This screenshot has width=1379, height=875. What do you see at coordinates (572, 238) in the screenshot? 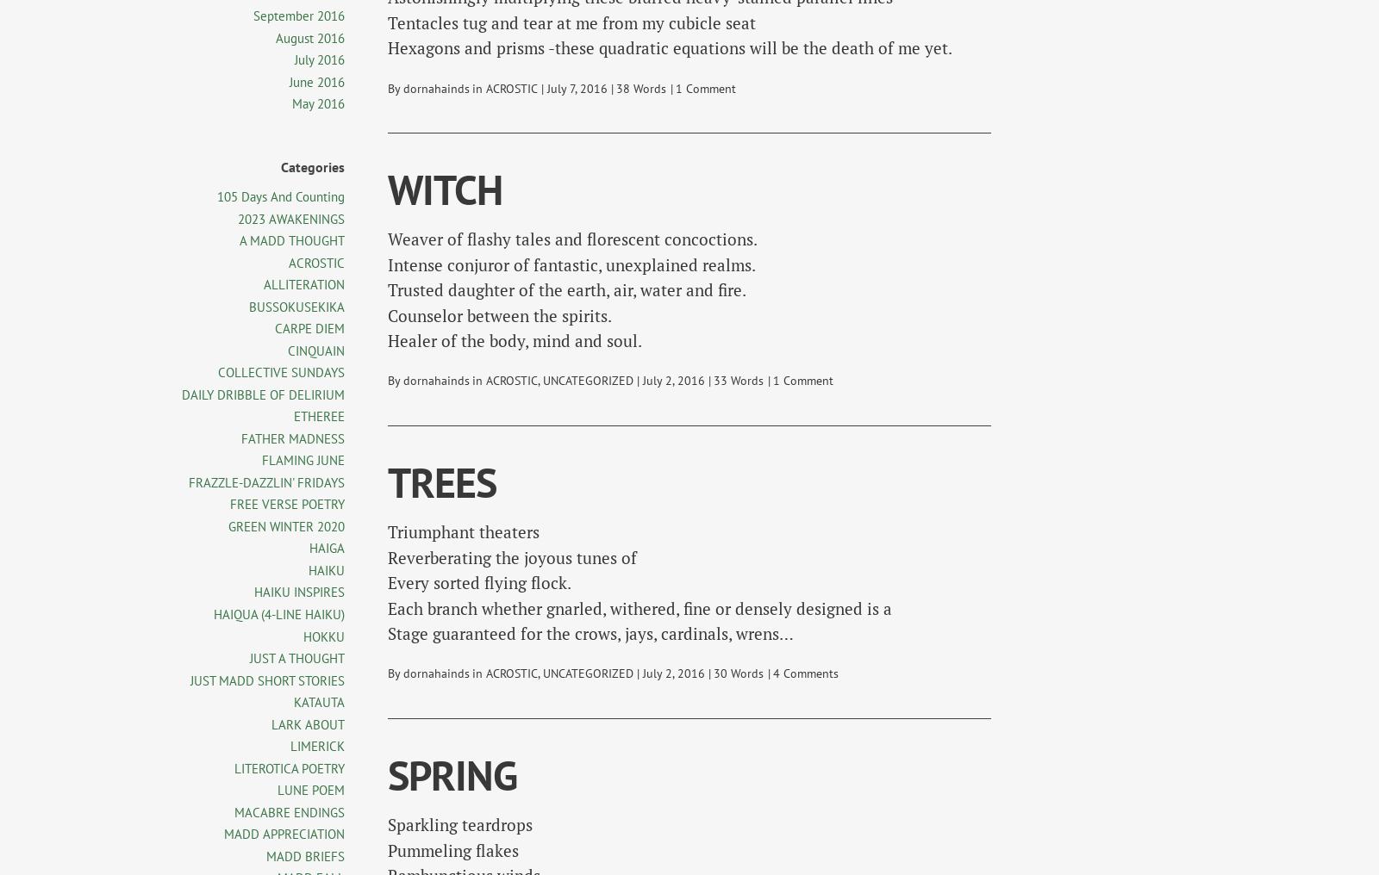
I see `'Weaver of flashy tales and florescent concoctions.'` at bounding box center [572, 238].